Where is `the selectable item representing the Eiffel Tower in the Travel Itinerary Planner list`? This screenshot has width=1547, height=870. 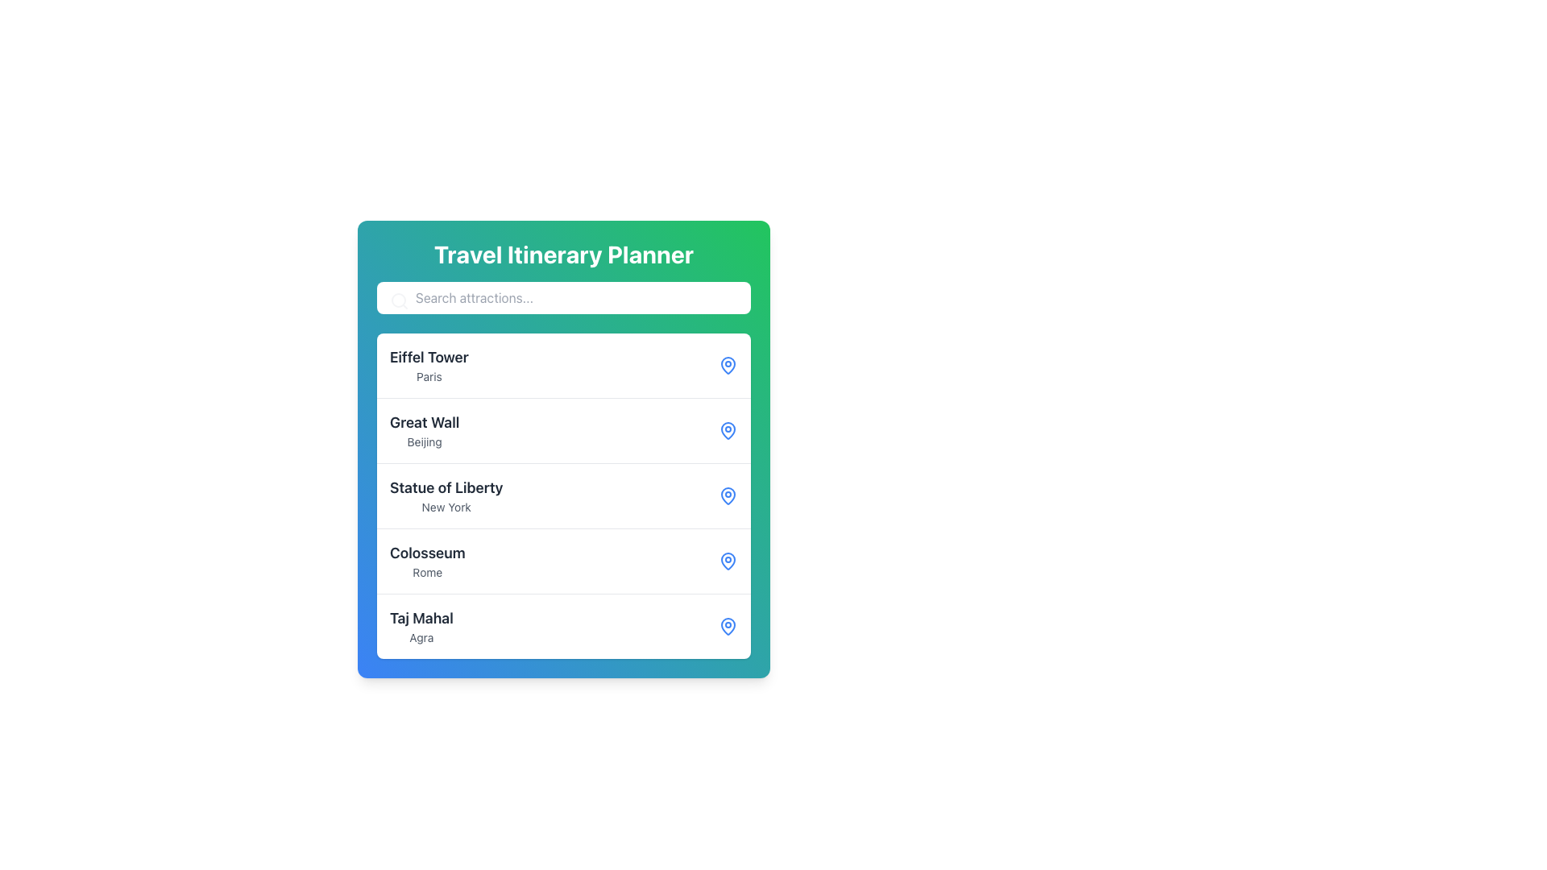
the selectable item representing the Eiffel Tower in the Travel Itinerary Planner list is located at coordinates (429, 366).